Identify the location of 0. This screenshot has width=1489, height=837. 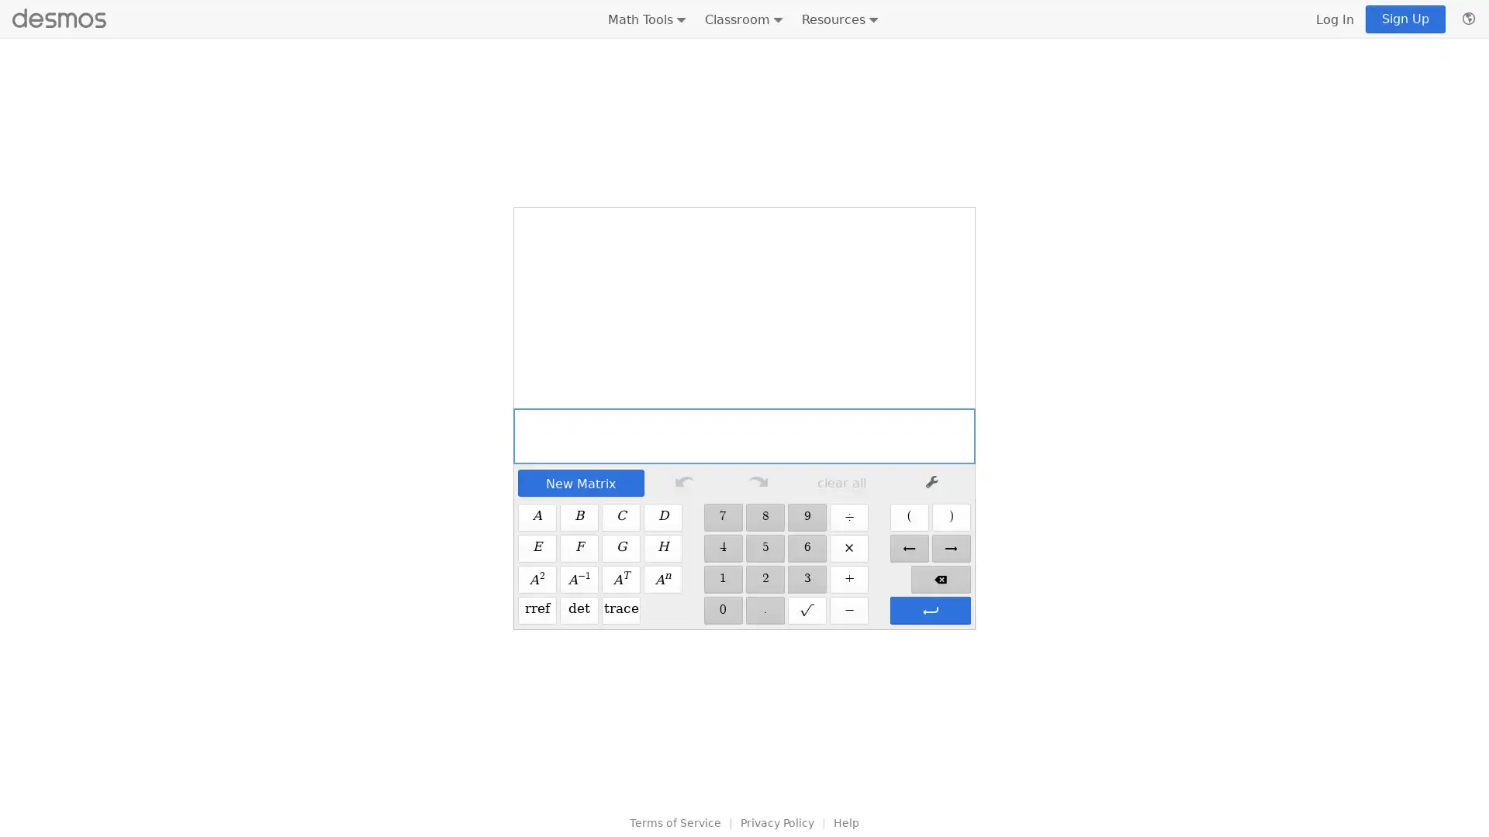
(721, 609).